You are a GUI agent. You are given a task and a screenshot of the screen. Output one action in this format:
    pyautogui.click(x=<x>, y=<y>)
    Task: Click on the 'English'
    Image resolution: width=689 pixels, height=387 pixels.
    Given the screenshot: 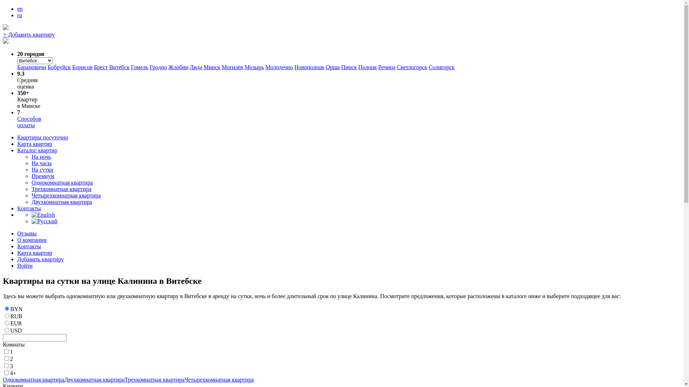 What is the action you would take?
    pyautogui.click(x=43, y=215)
    